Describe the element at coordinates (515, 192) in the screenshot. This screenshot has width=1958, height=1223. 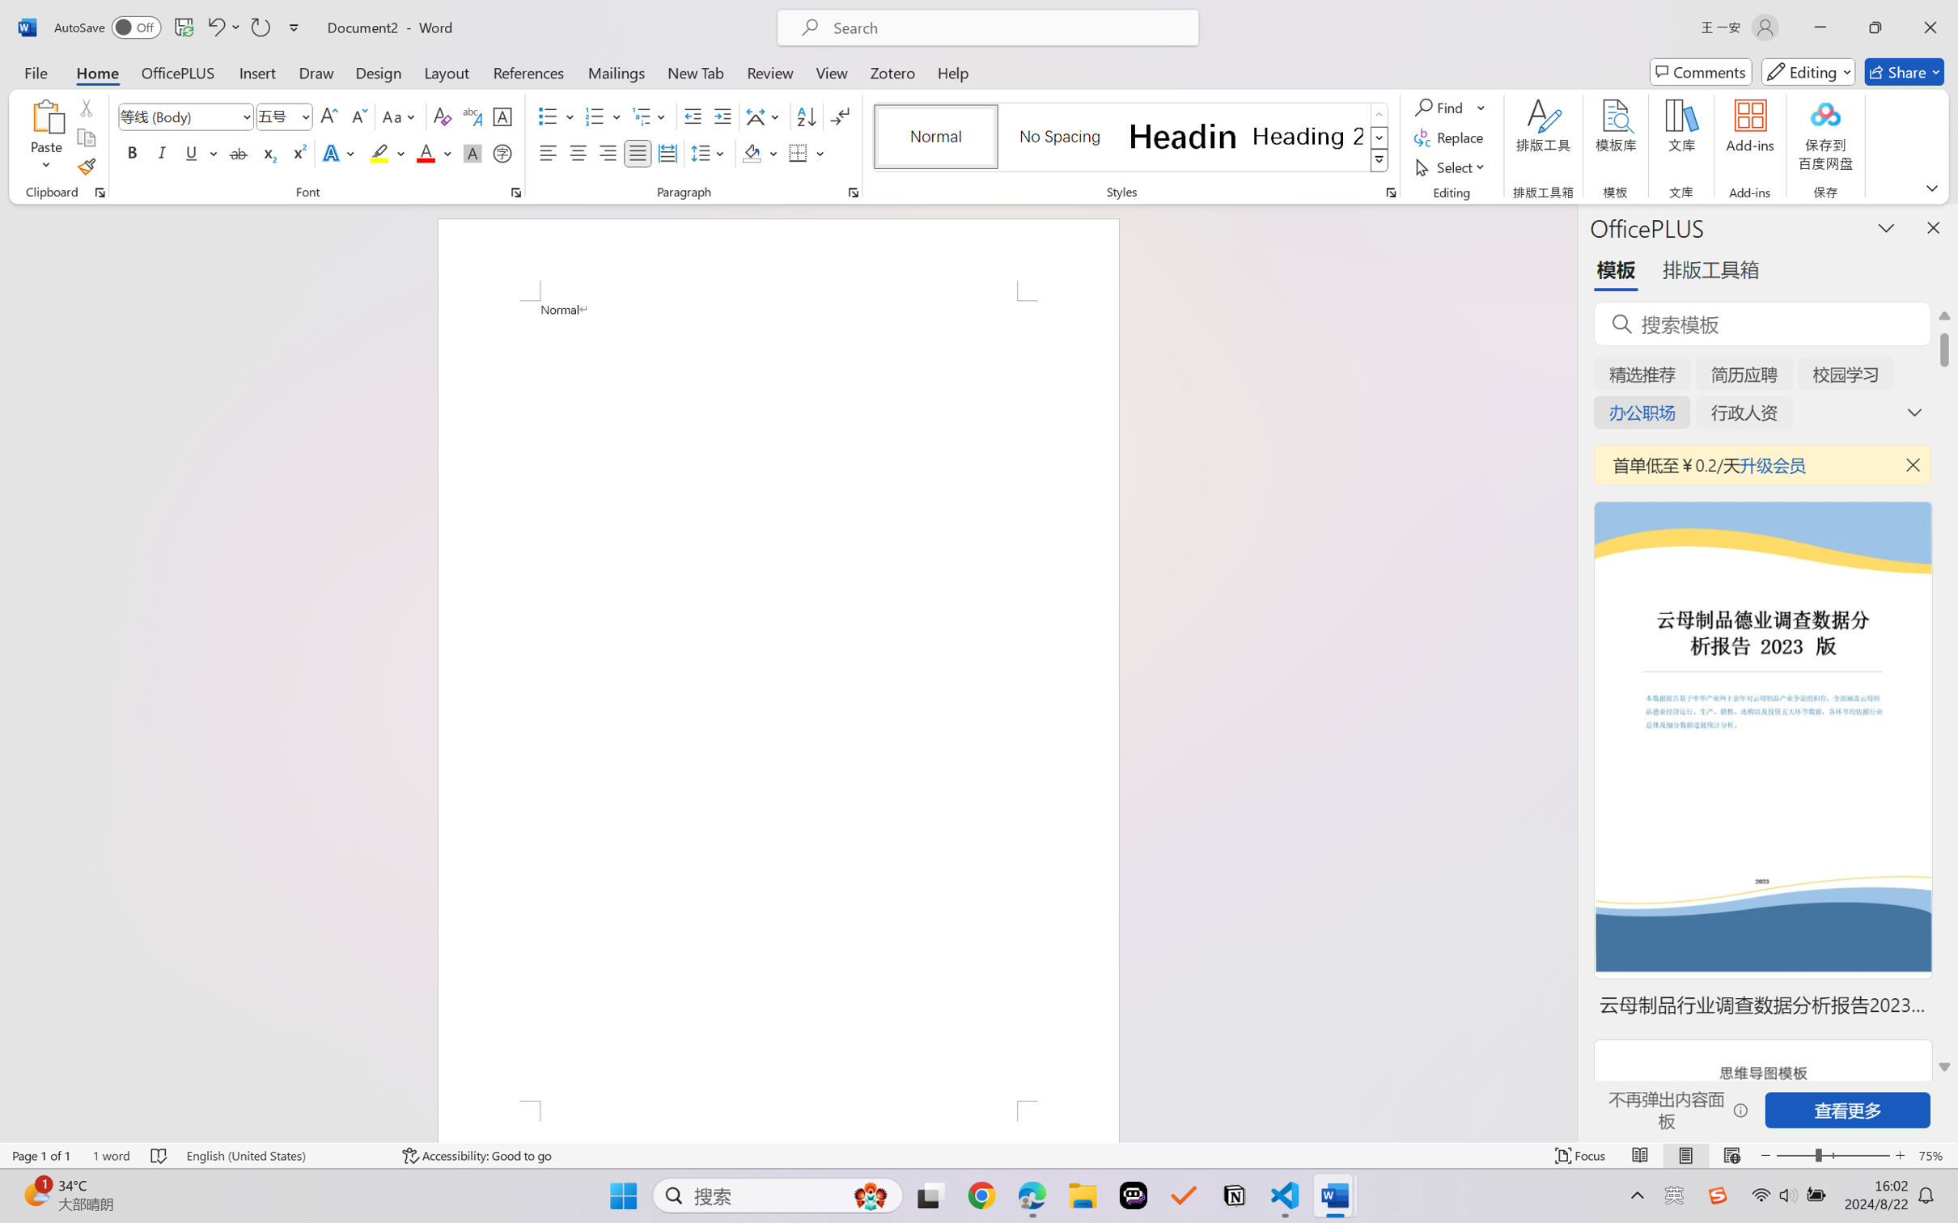
I see `'Font...'` at that location.